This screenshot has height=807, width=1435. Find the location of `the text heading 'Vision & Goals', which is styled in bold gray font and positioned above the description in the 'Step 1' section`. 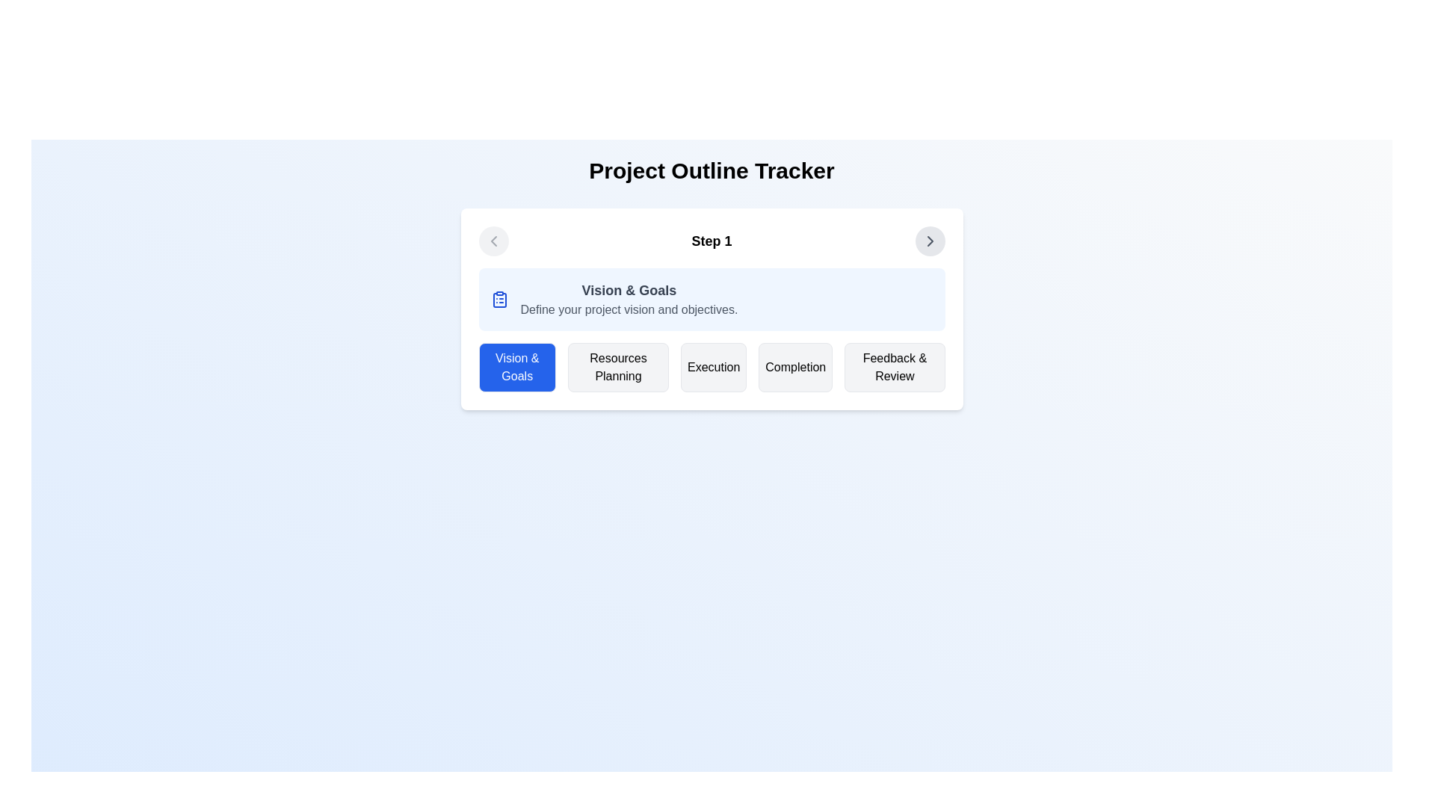

the text heading 'Vision & Goals', which is styled in bold gray font and positioned above the description in the 'Step 1' section is located at coordinates (629, 291).